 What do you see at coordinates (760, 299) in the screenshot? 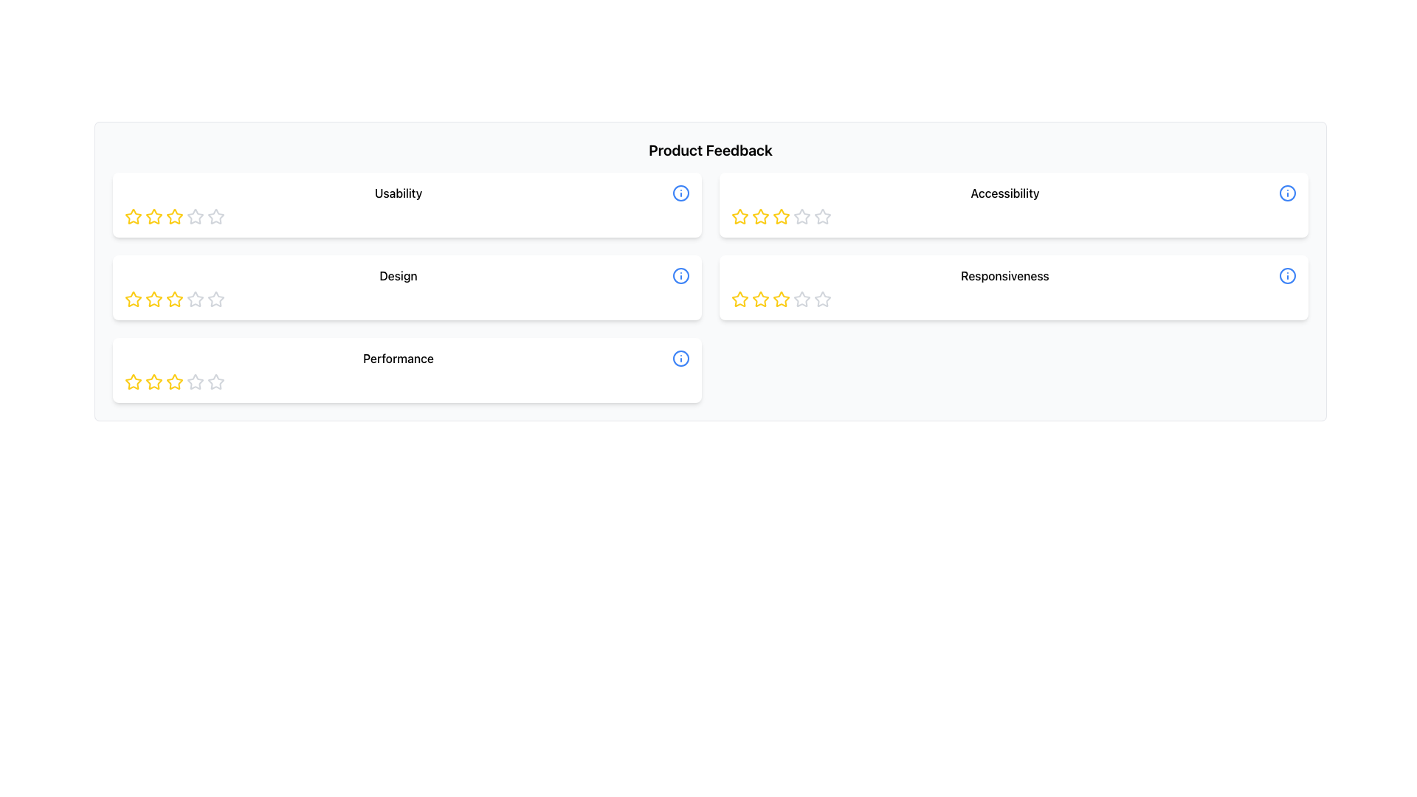
I see `the second star icon in the five-star rating scale for the 'Responsiveness' category to rate it` at bounding box center [760, 299].